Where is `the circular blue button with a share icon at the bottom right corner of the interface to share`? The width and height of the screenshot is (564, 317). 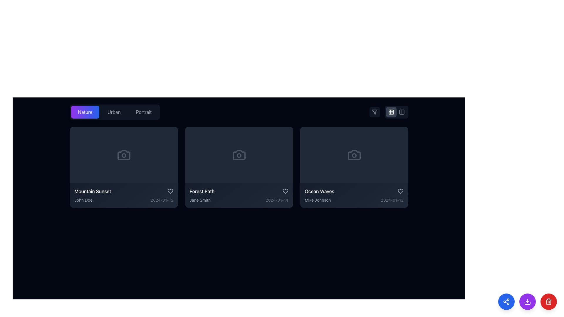 the circular blue button with a share icon at the bottom right corner of the interface to share is located at coordinates (506, 302).